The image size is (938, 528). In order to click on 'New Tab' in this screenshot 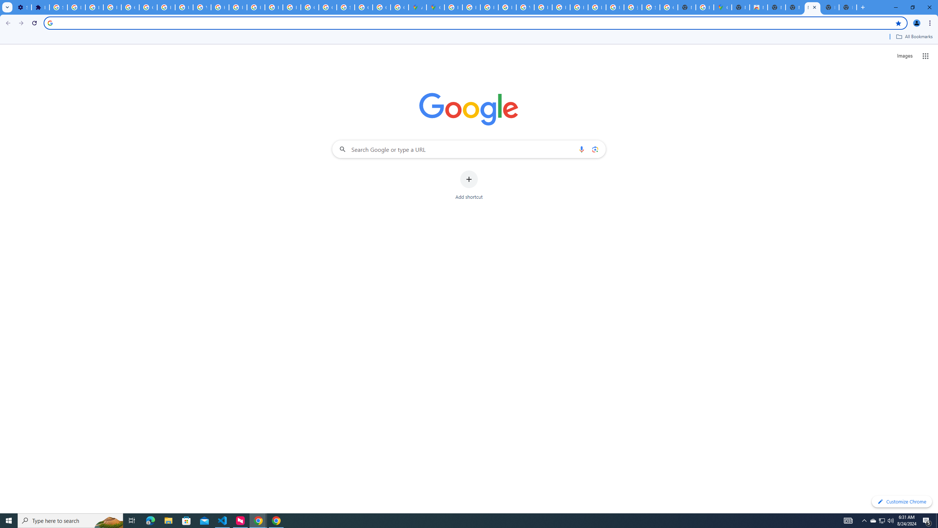, I will do `click(848, 7)`.